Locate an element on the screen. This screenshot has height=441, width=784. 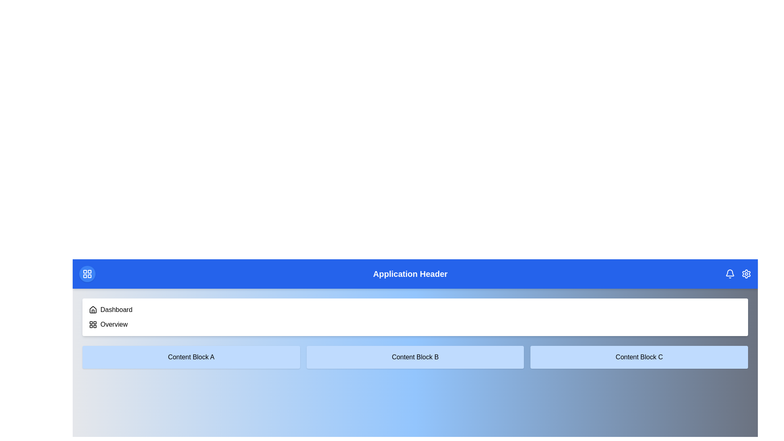
the 'Overview' navigation link is located at coordinates (113, 324).